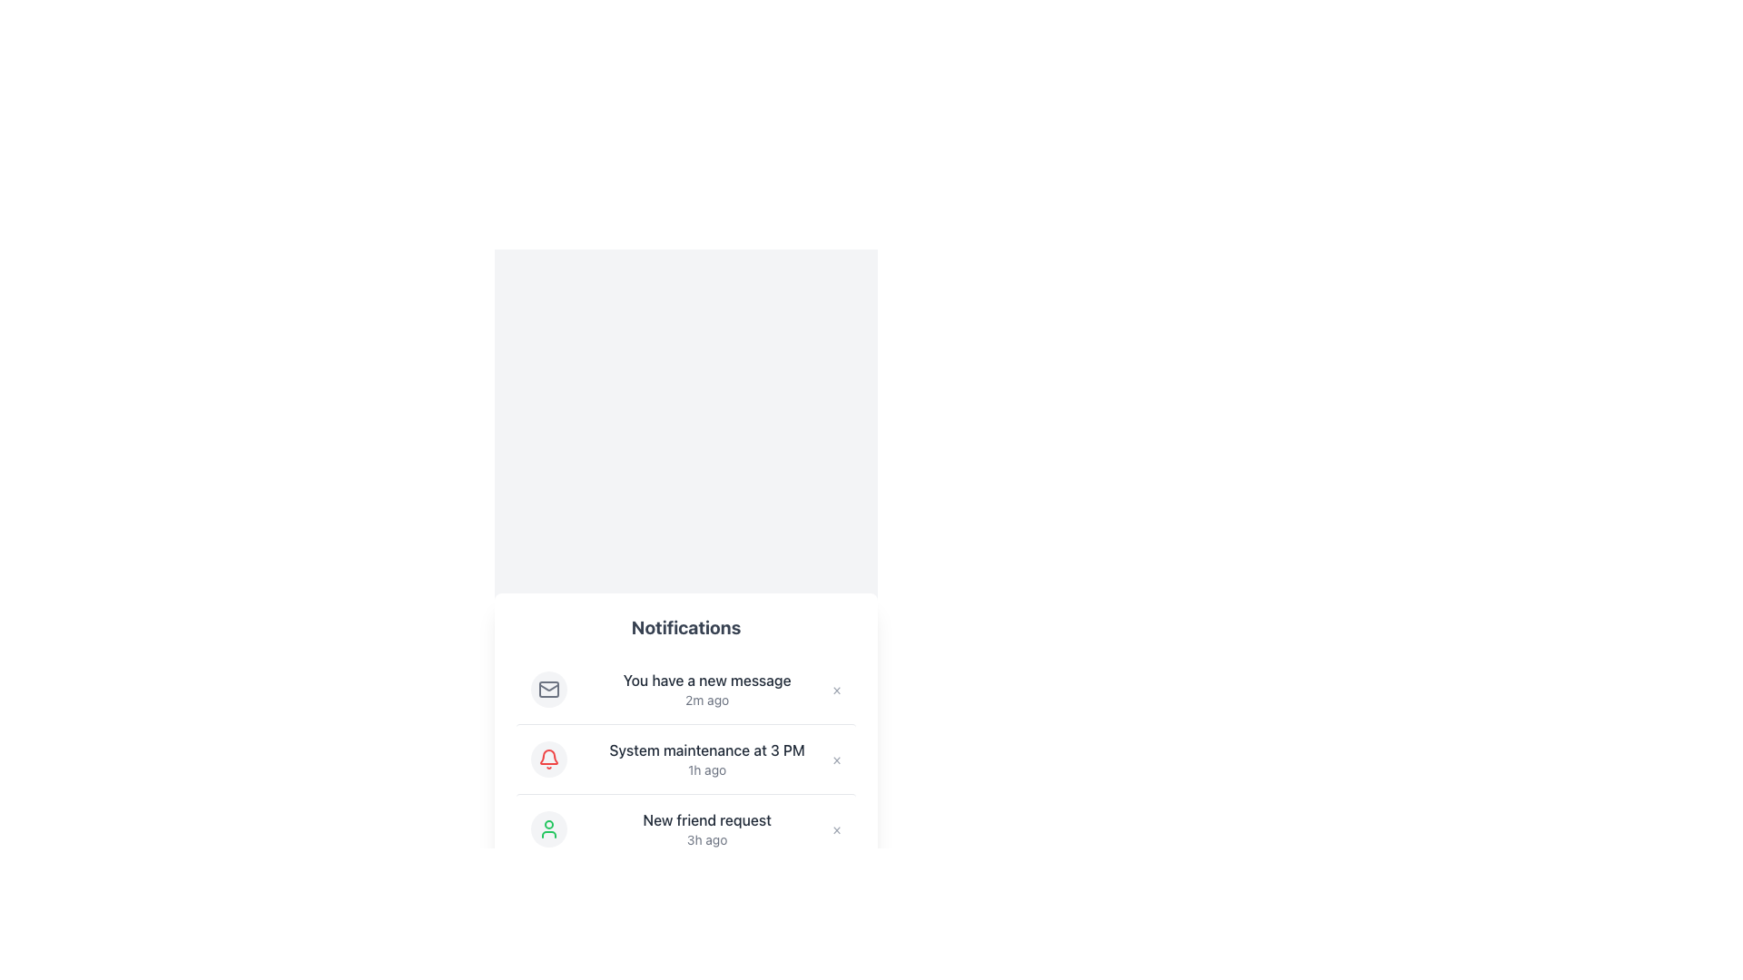  Describe the element at coordinates (684, 626) in the screenshot. I see `the 'Notifications' text header, which is bold and large, styled in grey at the top center of the notification panel` at that location.